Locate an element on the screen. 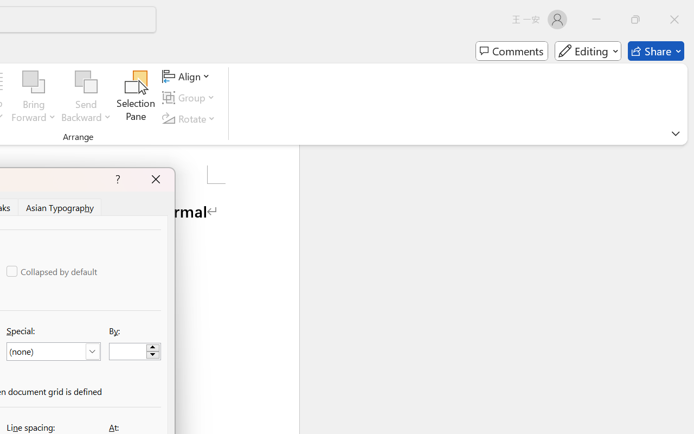 The width and height of the screenshot is (694, 434). 'Group' is located at coordinates (190, 97).